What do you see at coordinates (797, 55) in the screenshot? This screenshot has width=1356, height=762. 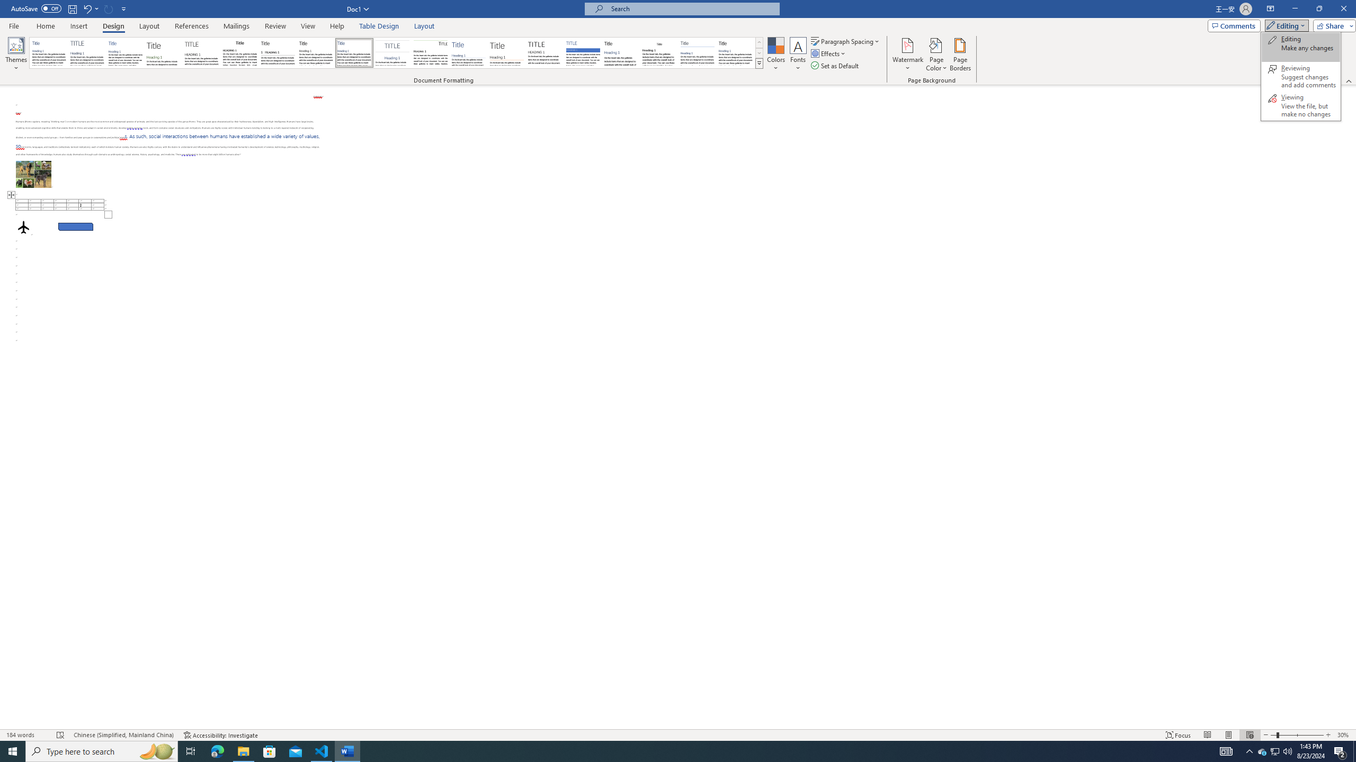 I see `'Fonts'` at bounding box center [797, 55].